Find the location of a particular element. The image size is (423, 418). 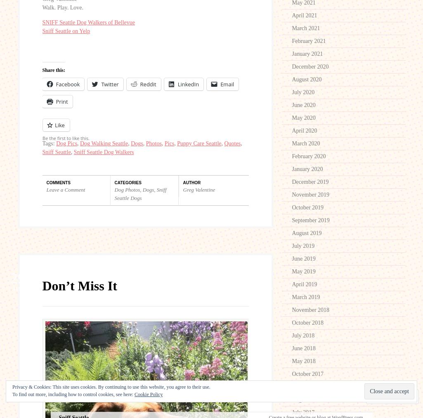

'Email' is located at coordinates (227, 84).